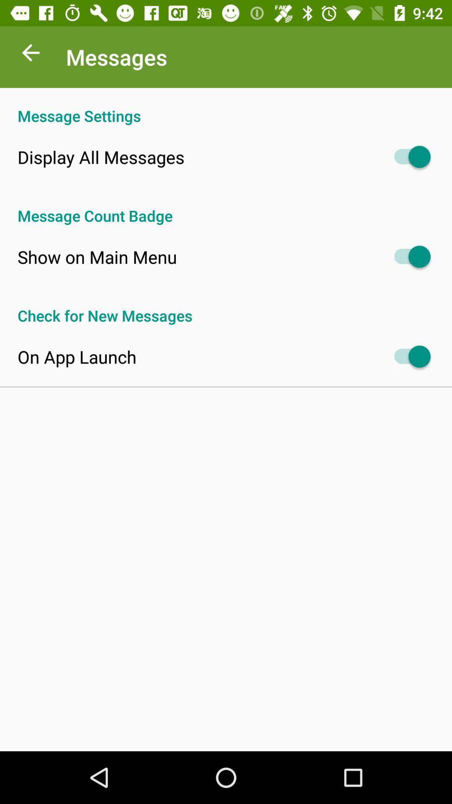 This screenshot has height=804, width=452. Describe the element at coordinates (226, 207) in the screenshot. I see `the message count badge app` at that location.